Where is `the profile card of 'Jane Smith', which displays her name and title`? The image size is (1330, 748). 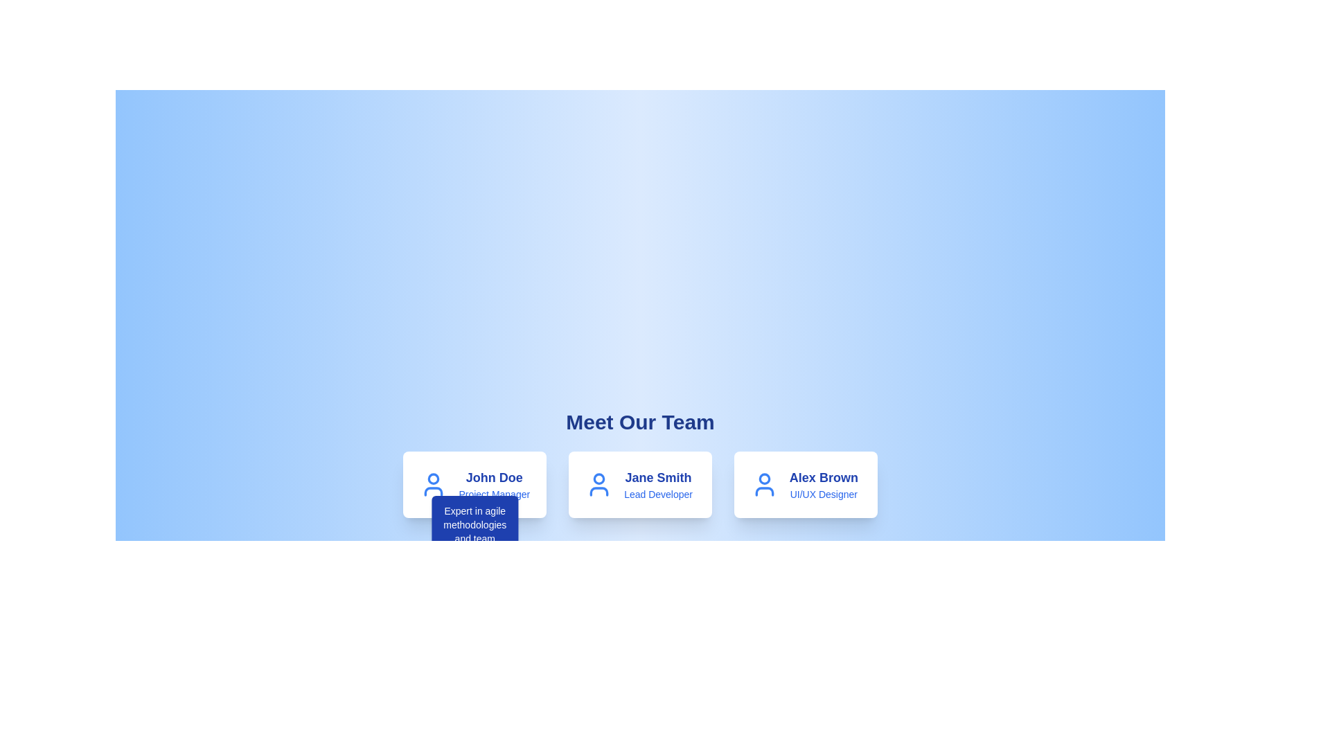
the profile card of 'Jane Smith', which displays her name and title is located at coordinates (639, 483).